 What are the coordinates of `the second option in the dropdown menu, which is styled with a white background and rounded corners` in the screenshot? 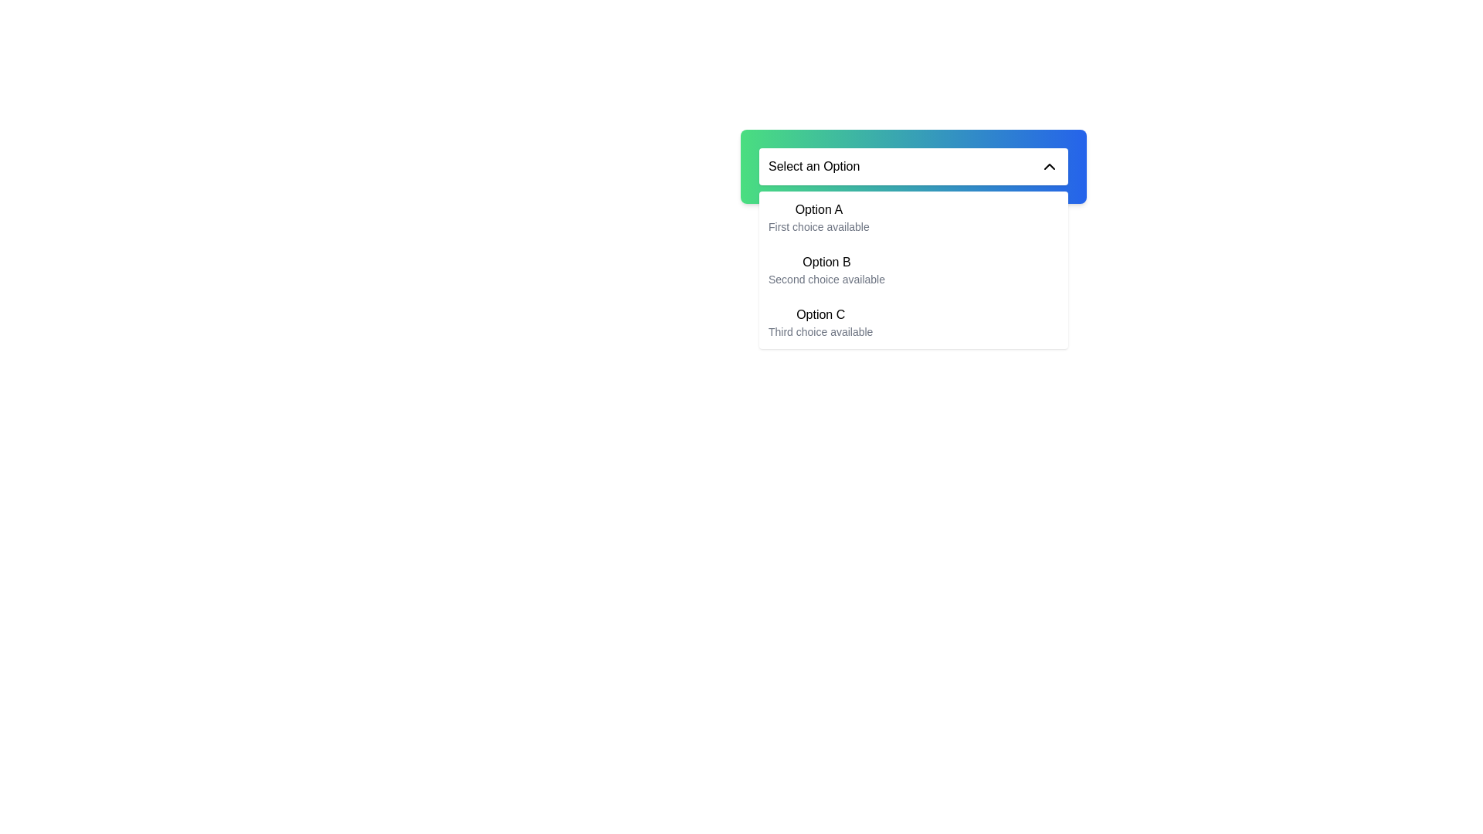 It's located at (913, 270).